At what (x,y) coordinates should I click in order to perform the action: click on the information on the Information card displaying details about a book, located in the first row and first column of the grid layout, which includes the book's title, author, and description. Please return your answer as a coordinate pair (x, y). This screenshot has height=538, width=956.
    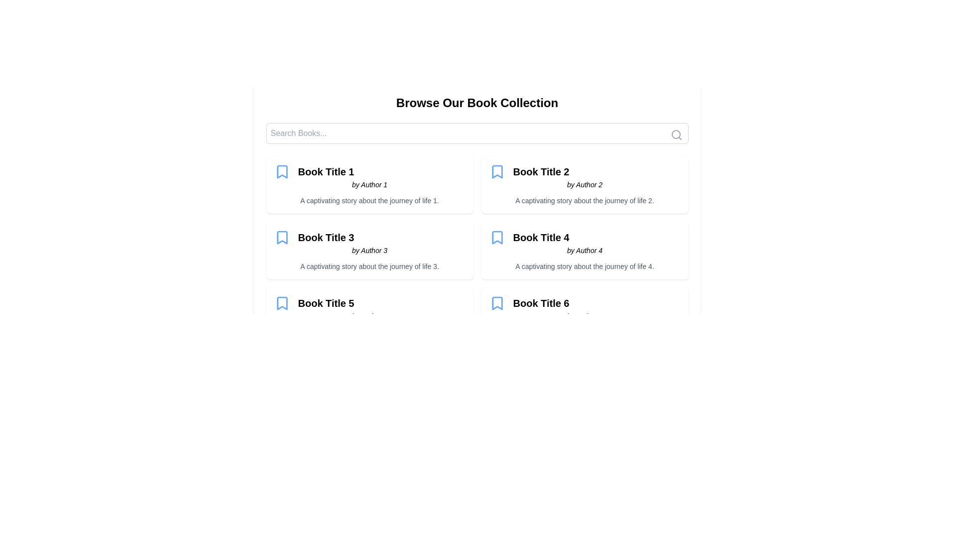
    Looking at the image, I should click on (369, 184).